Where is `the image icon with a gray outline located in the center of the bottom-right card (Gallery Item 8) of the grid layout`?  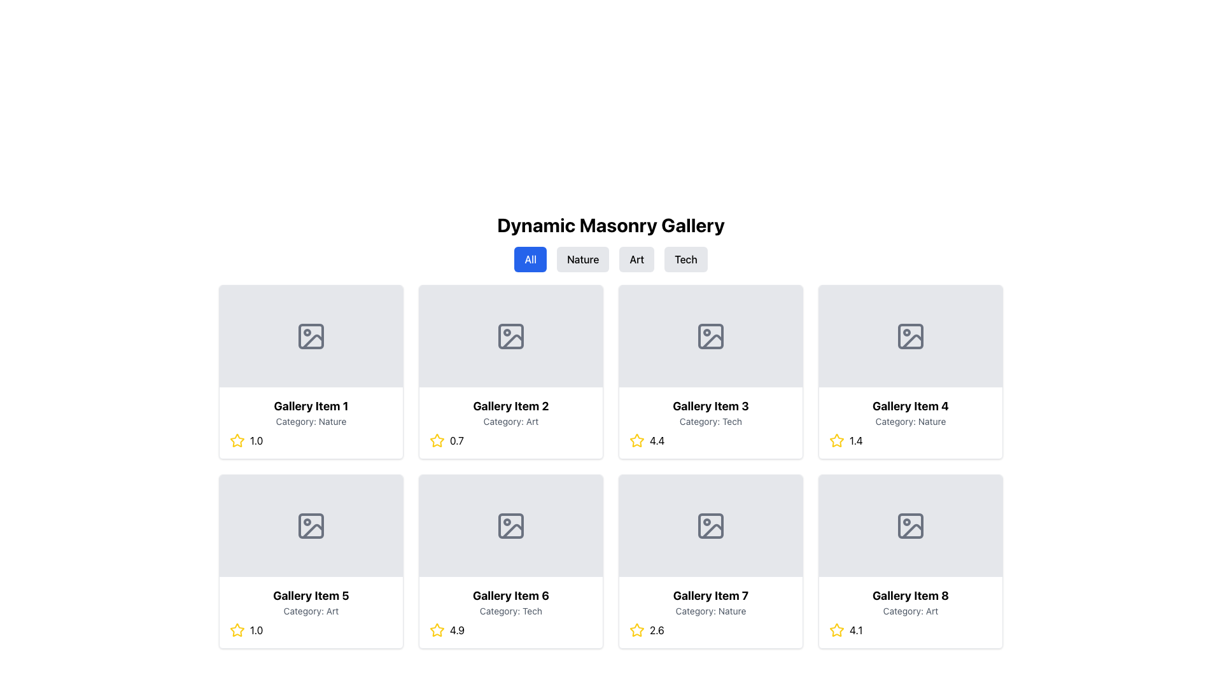 the image icon with a gray outline located in the center of the bottom-right card (Gallery Item 8) of the grid layout is located at coordinates (909, 525).